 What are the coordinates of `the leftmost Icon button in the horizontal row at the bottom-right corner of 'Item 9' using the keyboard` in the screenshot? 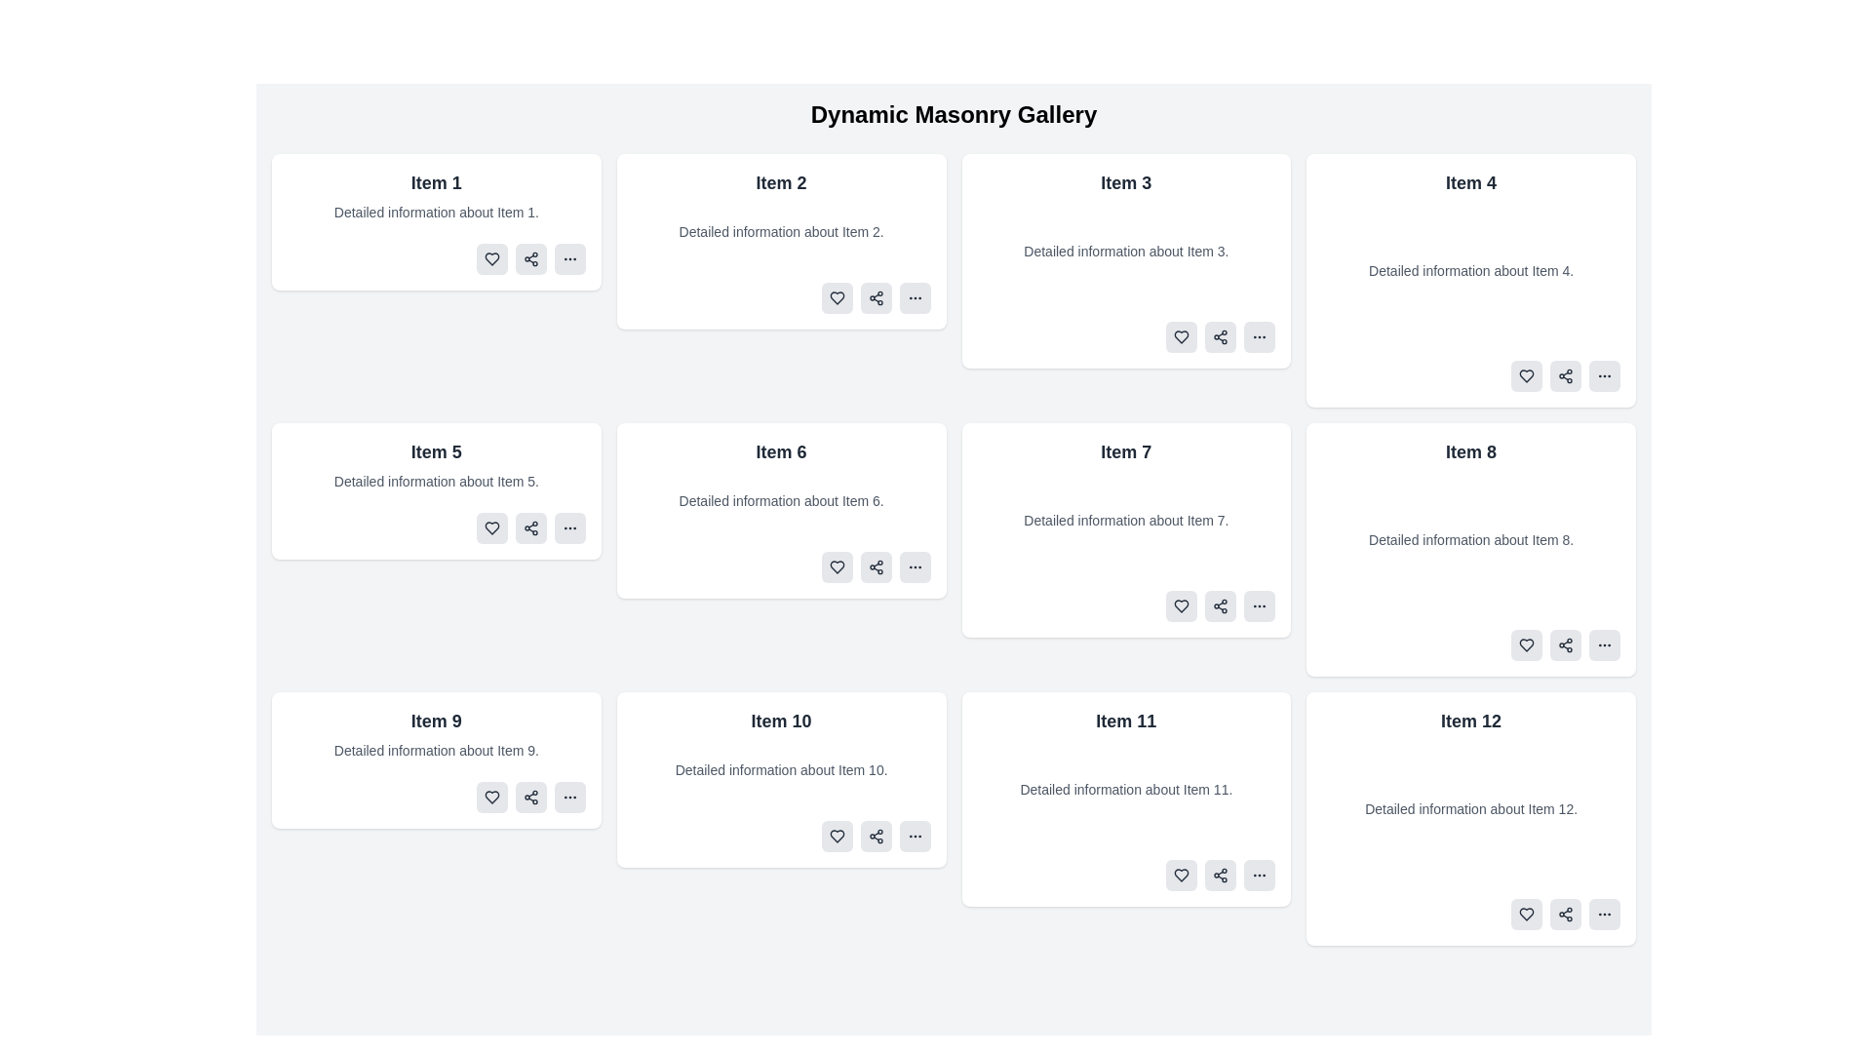 It's located at (491, 797).